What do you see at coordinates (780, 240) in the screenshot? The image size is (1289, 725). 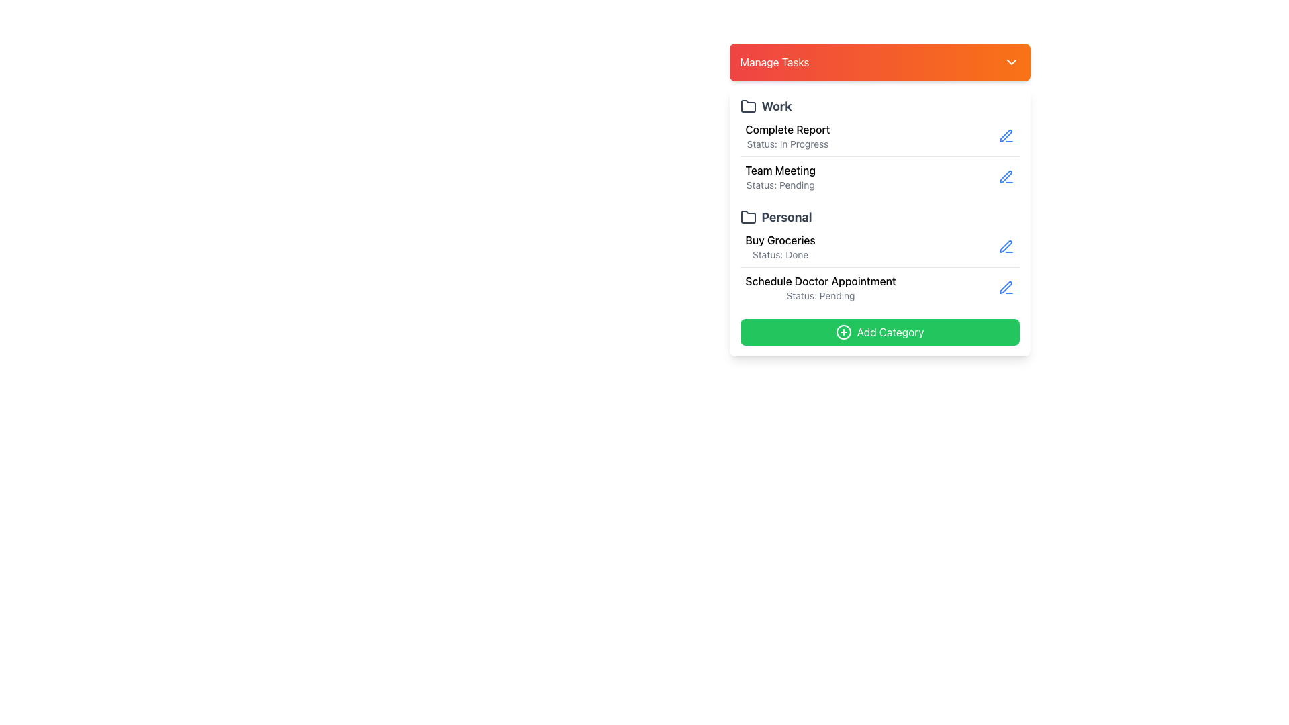 I see `the task label located in the 'Personal' section of the task management interface, positioned directly above the 'Status: Done' text` at bounding box center [780, 240].